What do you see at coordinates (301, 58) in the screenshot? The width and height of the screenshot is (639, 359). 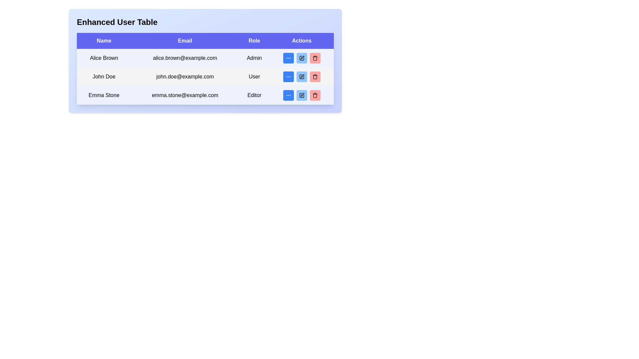 I see `the square pen glyph icon located in the 'Actions' column of the first row to initiate the edit action` at bounding box center [301, 58].